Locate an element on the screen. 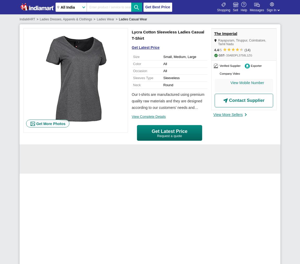 The width and height of the screenshot is (300, 264). '4.4' is located at coordinates (216, 50).